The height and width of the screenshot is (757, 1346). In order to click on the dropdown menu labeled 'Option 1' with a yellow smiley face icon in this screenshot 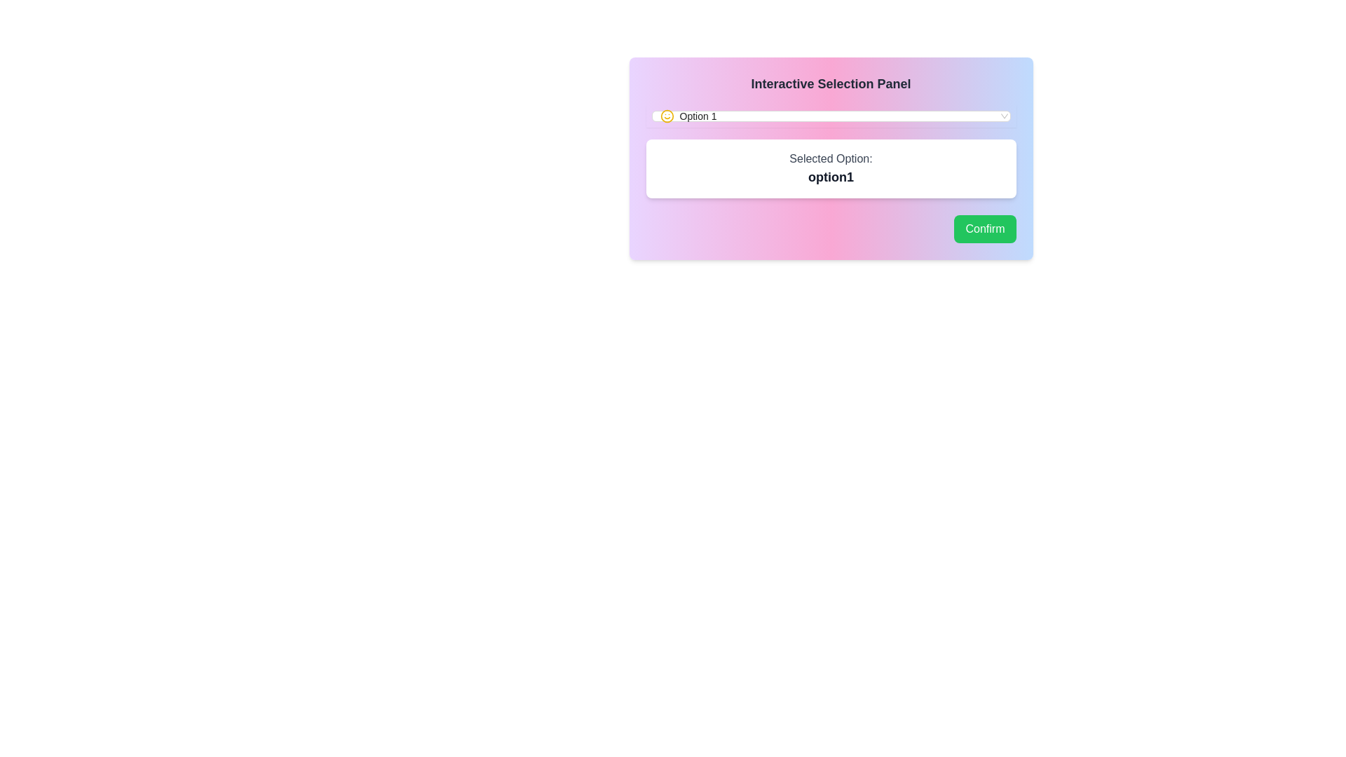, I will do `click(831, 115)`.